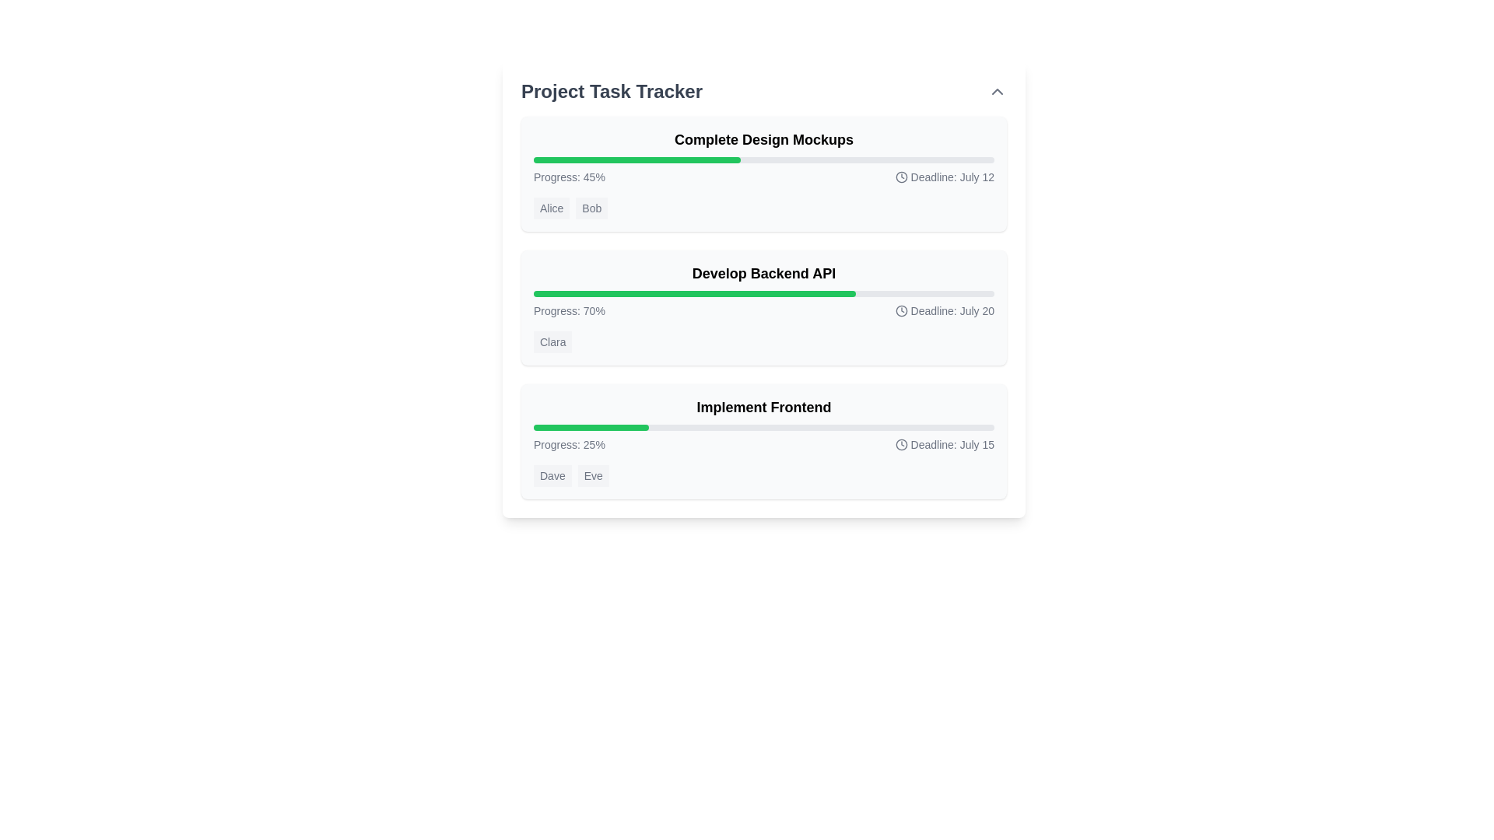 Image resolution: width=1494 pixels, height=840 pixels. What do you see at coordinates (764, 308) in the screenshot?
I see `the assigned user 'Clara' in the second task block of the 'Project Task Tracker' section that shows the status of the 'Develop Backend API' task` at bounding box center [764, 308].